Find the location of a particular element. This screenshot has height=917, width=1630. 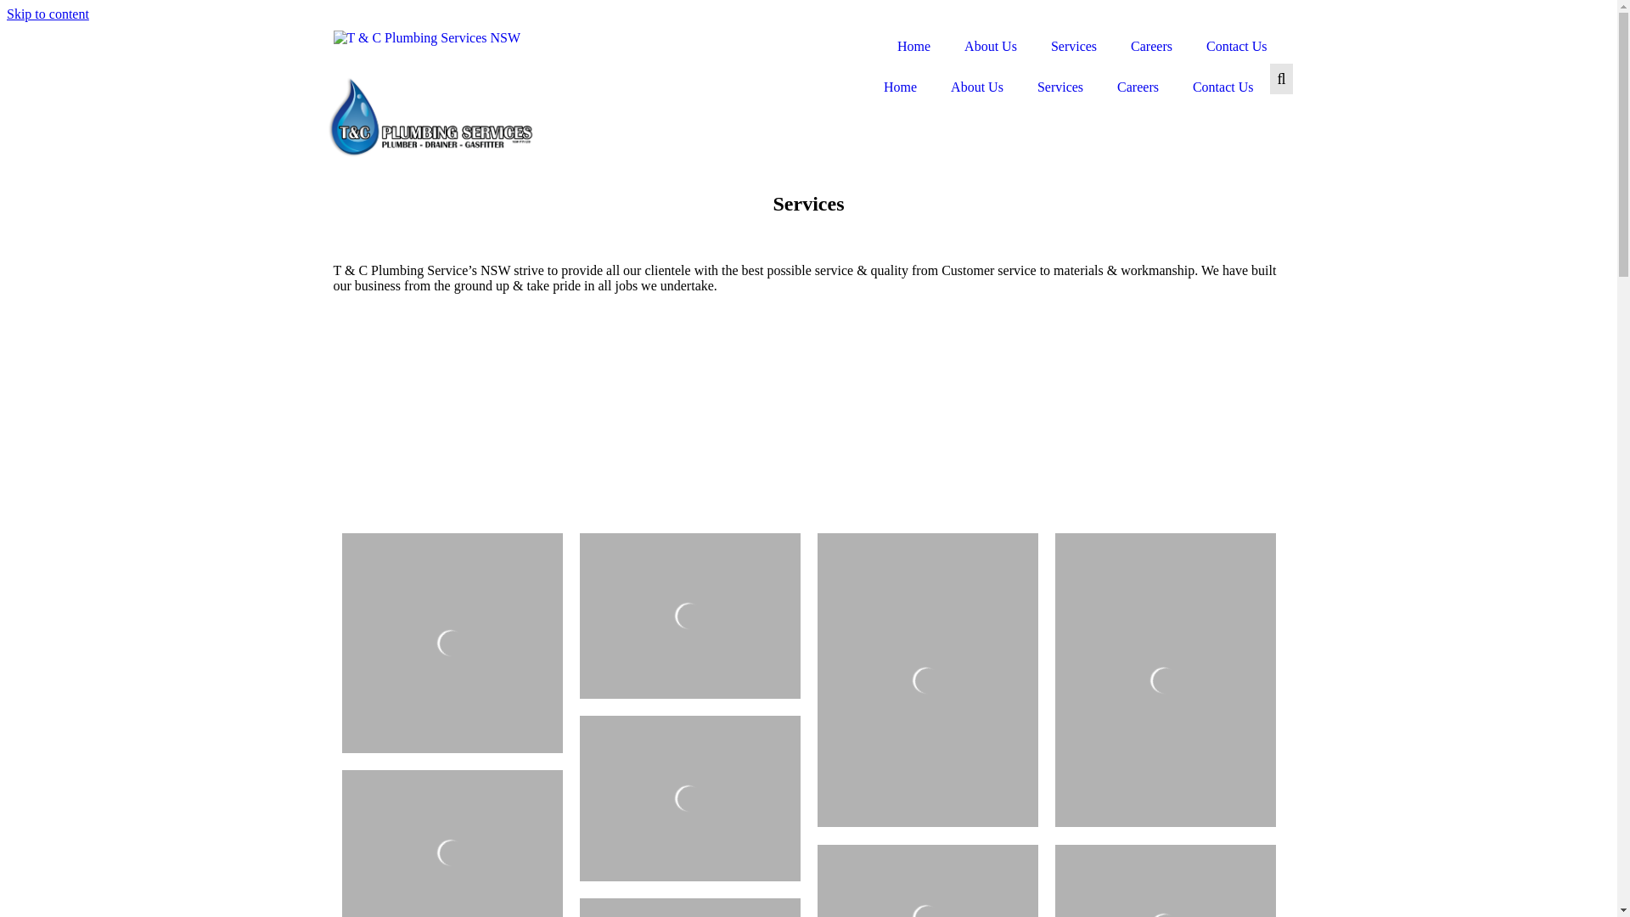

'About Us' is located at coordinates (977, 87).